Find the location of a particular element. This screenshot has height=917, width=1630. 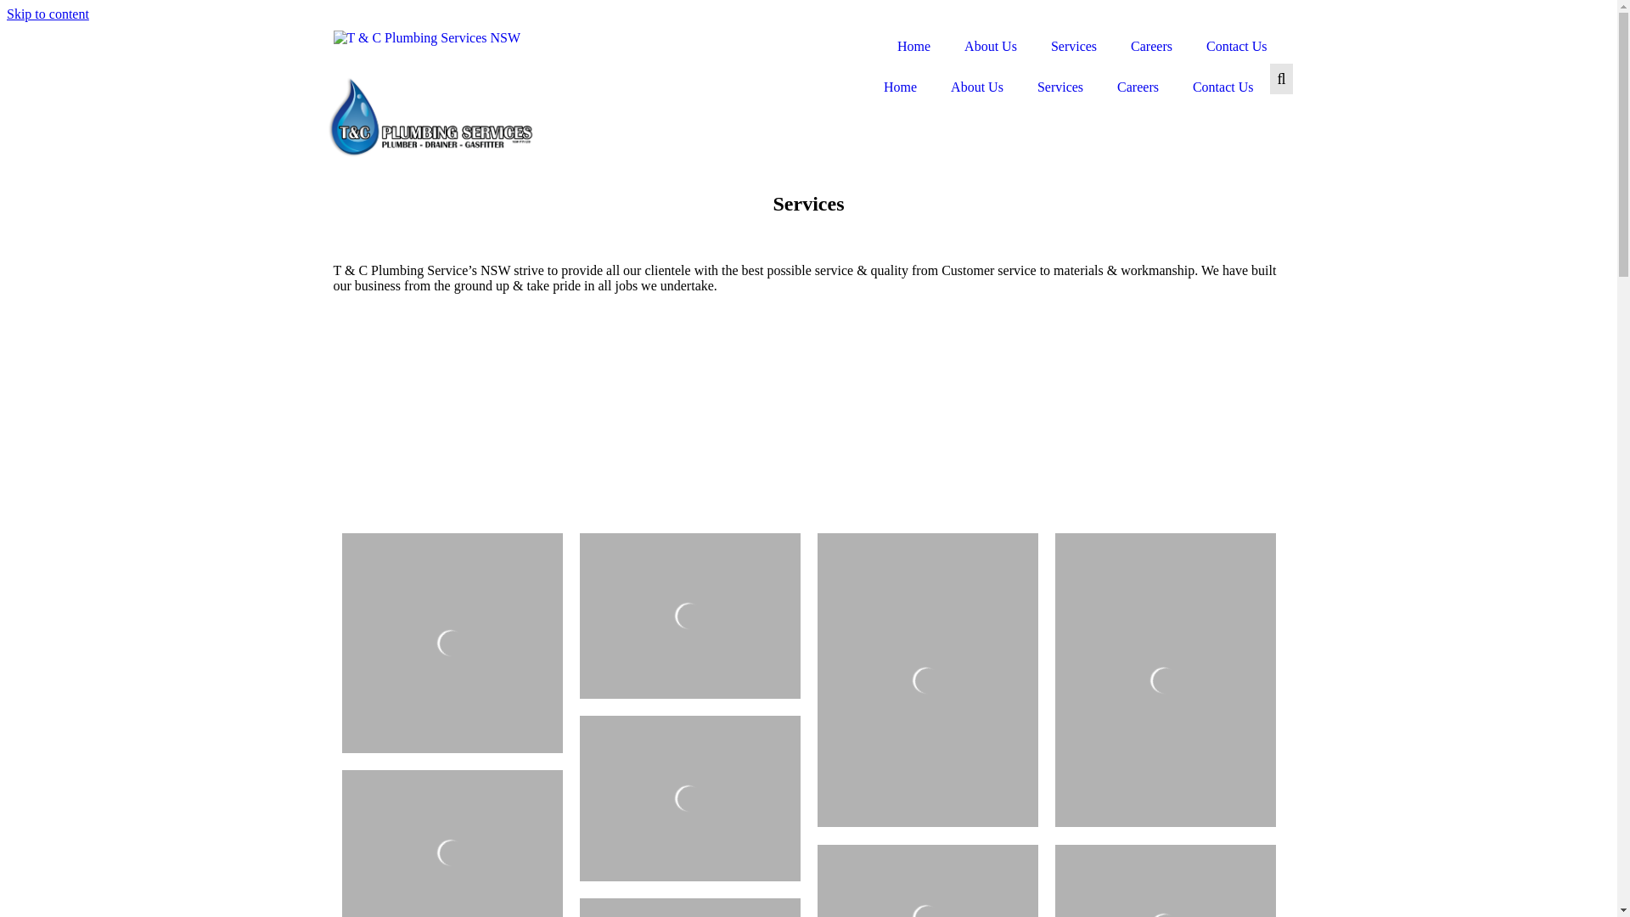

'About Us' is located at coordinates (977, 87).